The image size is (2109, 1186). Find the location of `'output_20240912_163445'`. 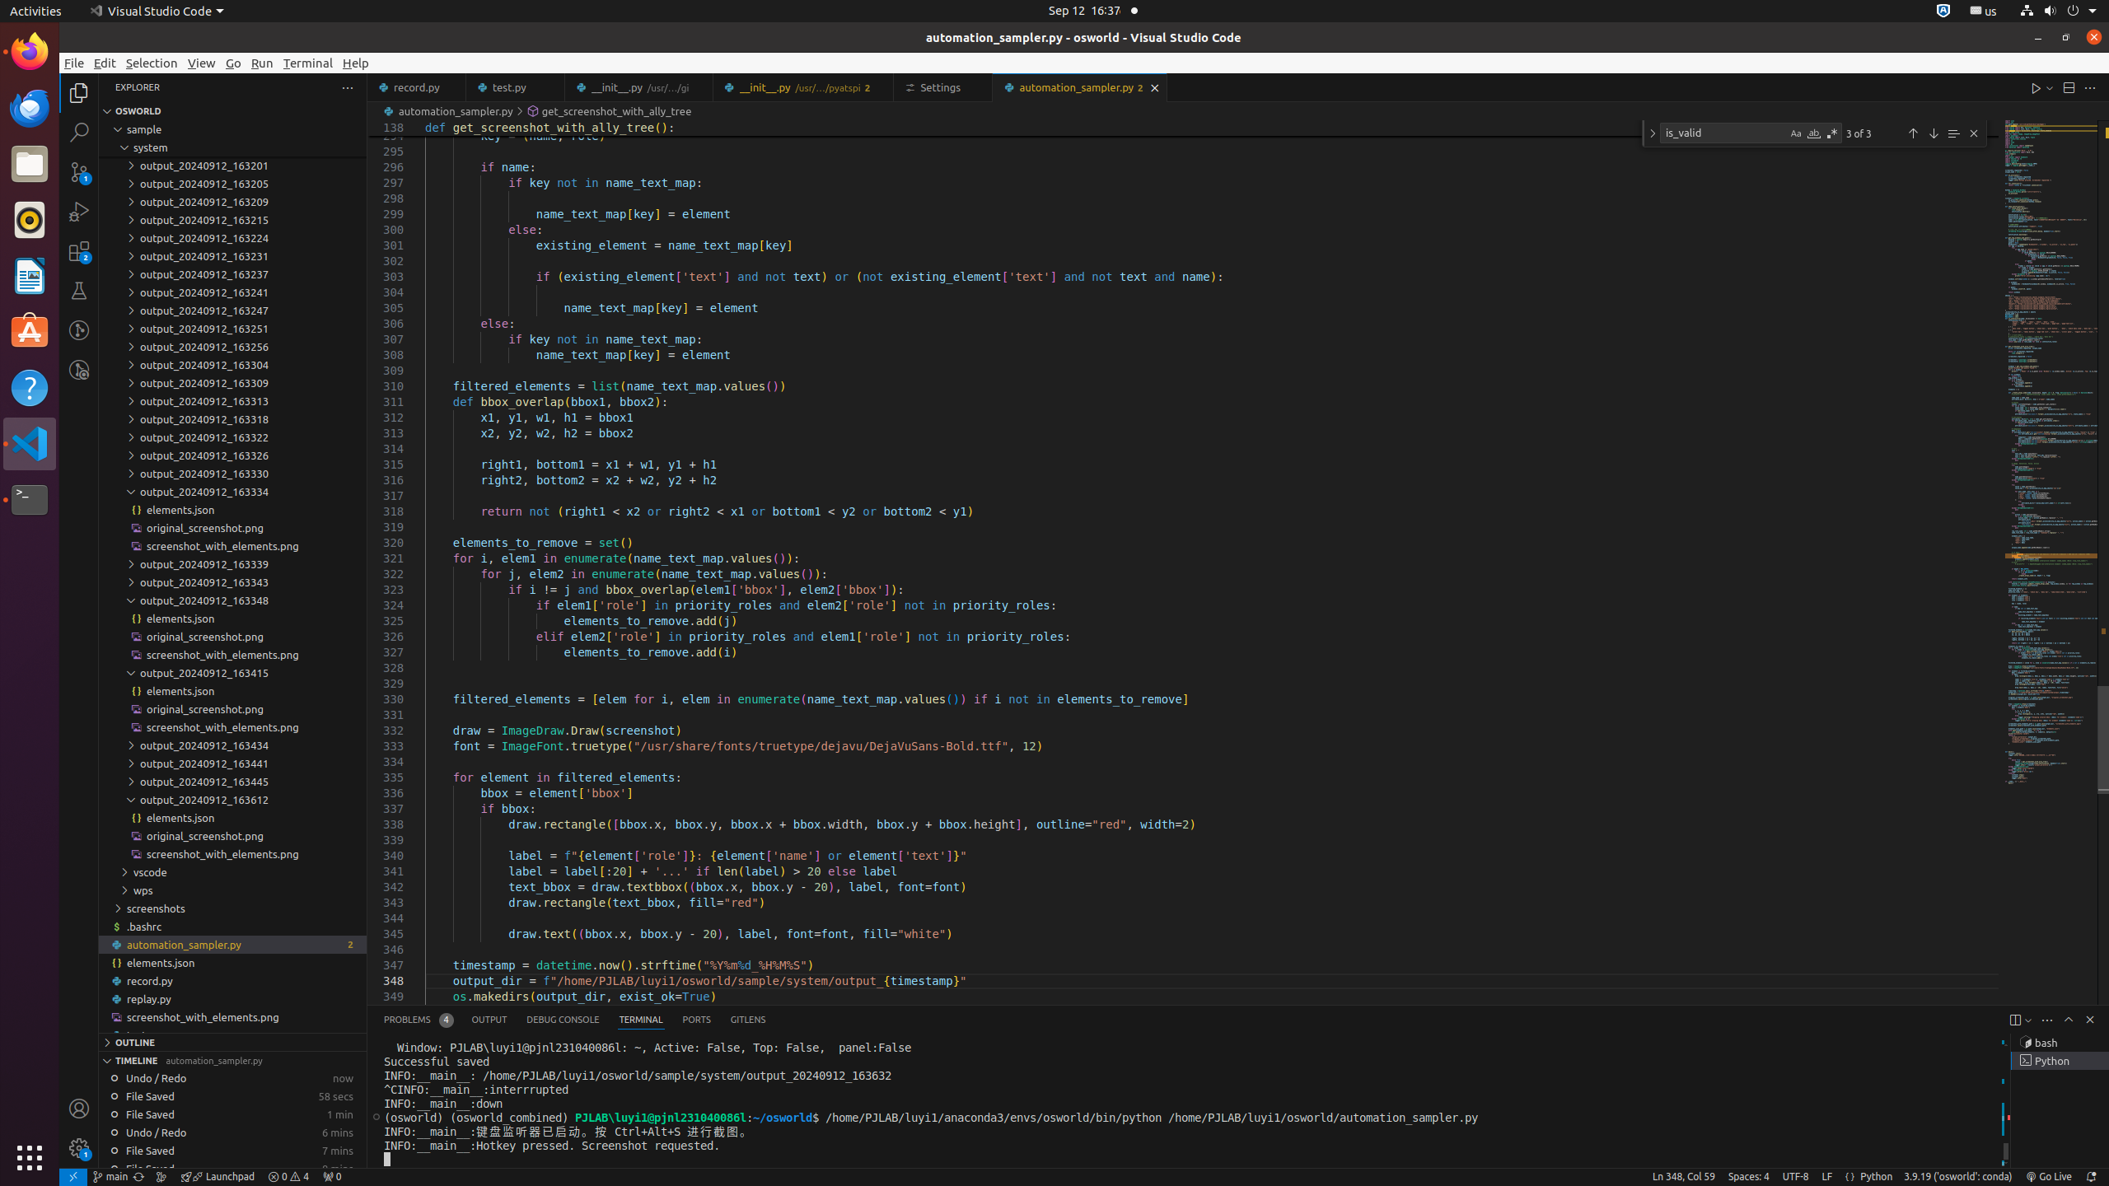

'output_20240912_163445' is located at coordinates (231, 780).